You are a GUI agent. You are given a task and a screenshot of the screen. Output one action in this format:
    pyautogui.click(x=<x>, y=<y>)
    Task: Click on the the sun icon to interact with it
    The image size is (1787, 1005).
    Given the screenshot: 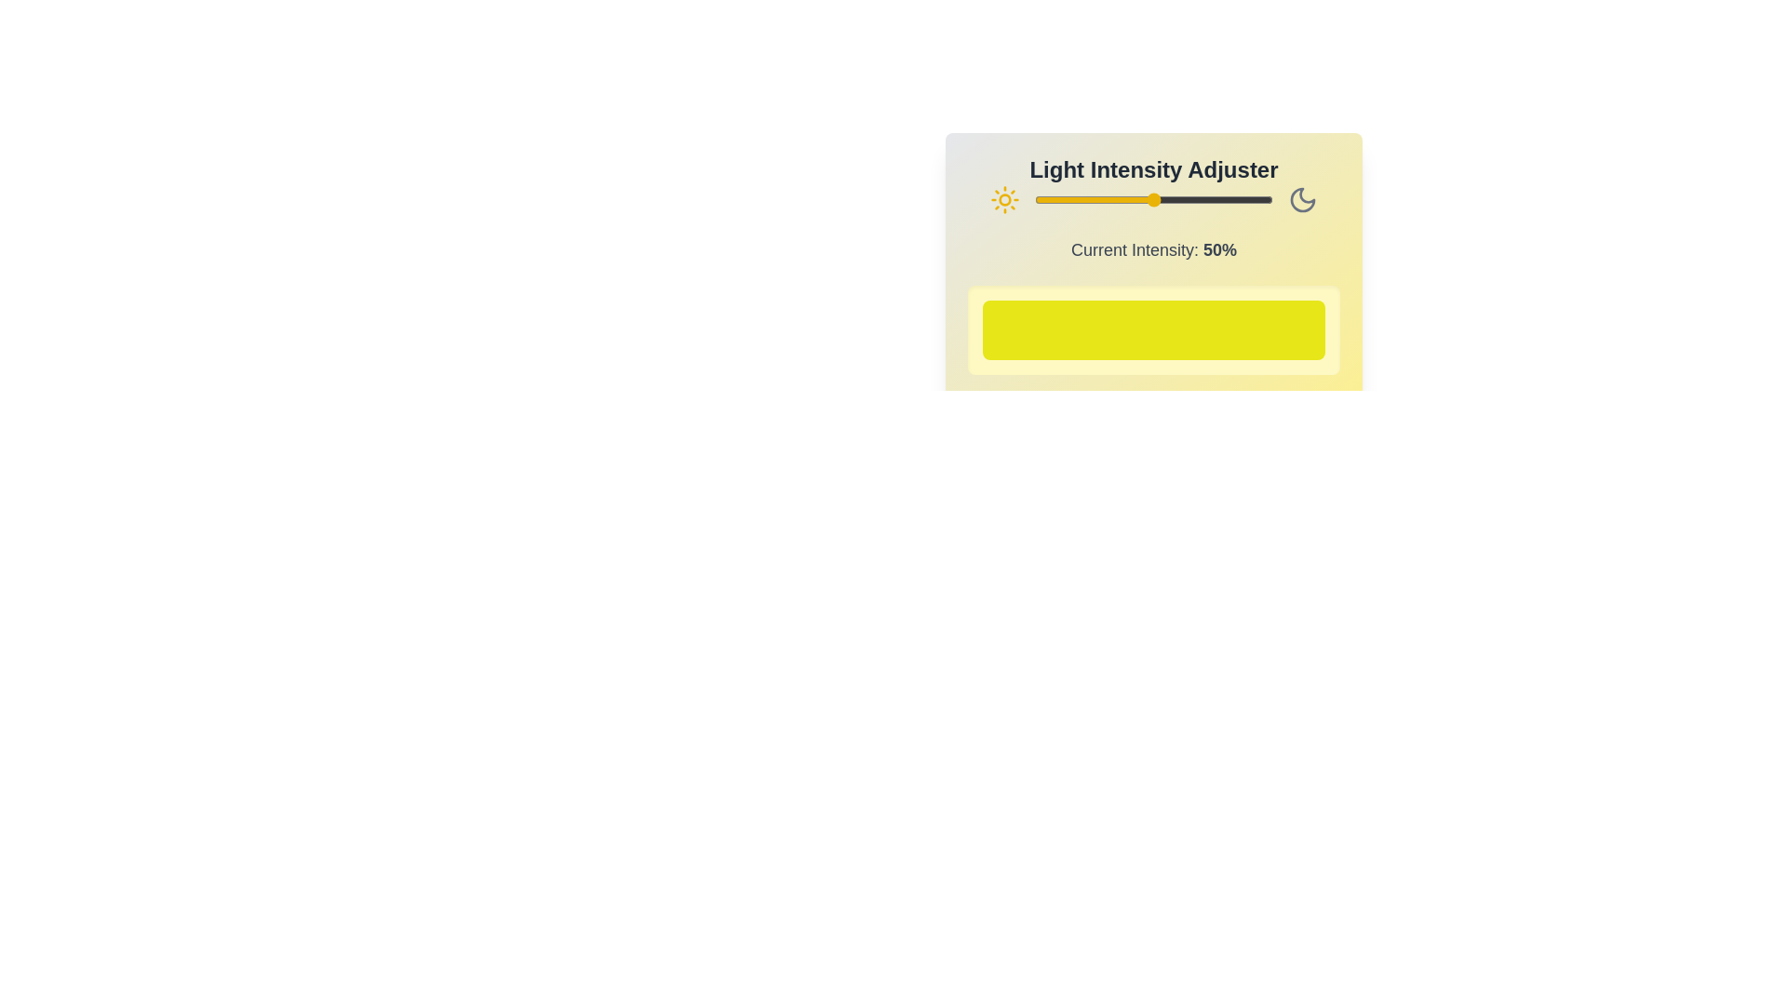 What is the action you would take?
    pyautogui.click(x=1004, y=200)
    